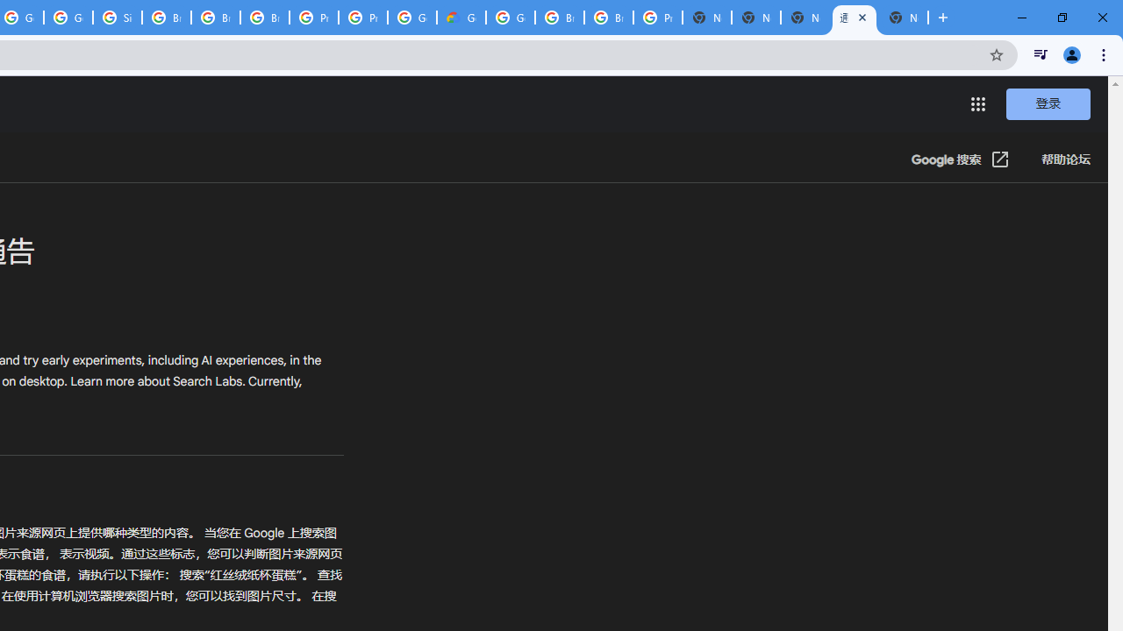  I want to click on 'Google Cloud Estimate Summary', so click(461, 18).